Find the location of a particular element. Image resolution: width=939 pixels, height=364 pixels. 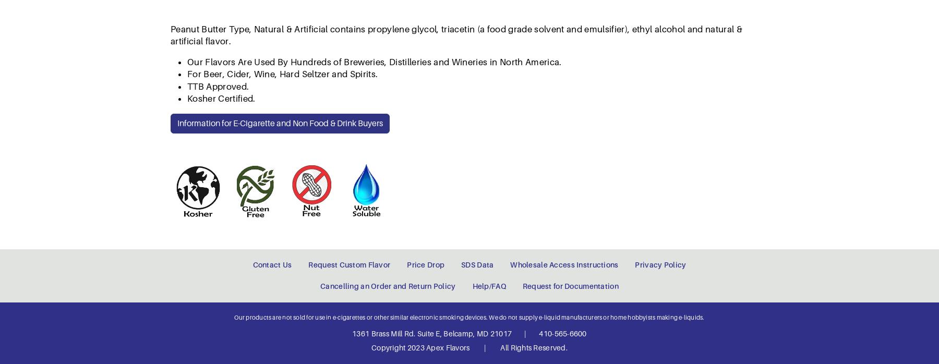

'Price Drop' is located at coordinates (425, 59).